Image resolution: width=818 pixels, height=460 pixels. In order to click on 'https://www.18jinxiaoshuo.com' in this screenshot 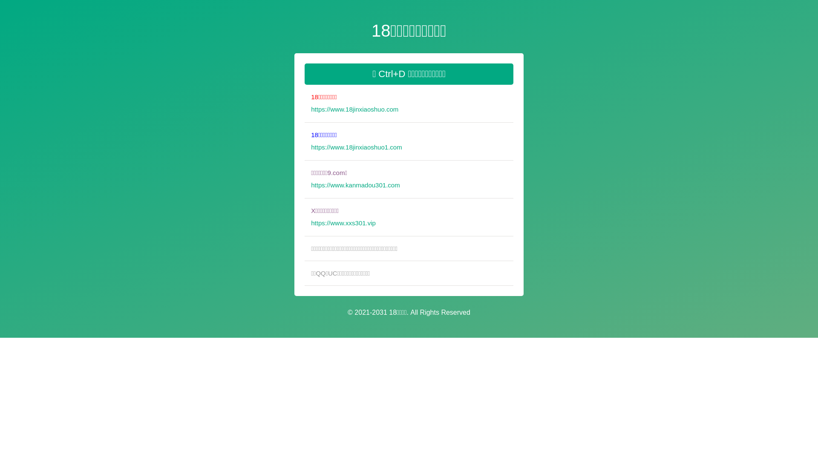, I will do `click(310, 114)`.